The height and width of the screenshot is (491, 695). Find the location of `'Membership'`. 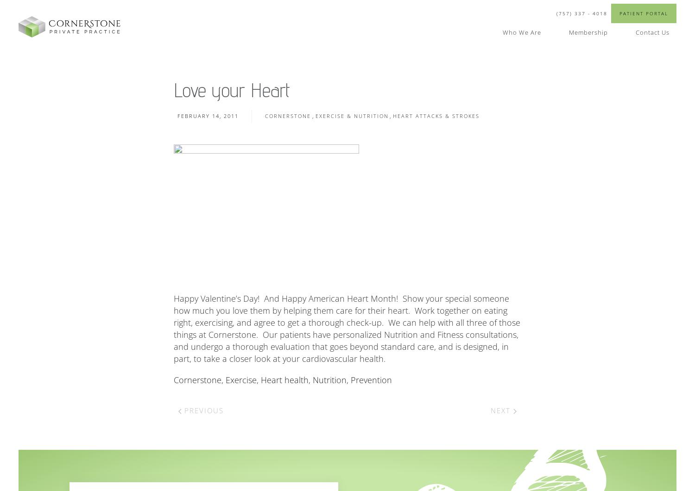

'Membership' is located at coordinates (588, 31).